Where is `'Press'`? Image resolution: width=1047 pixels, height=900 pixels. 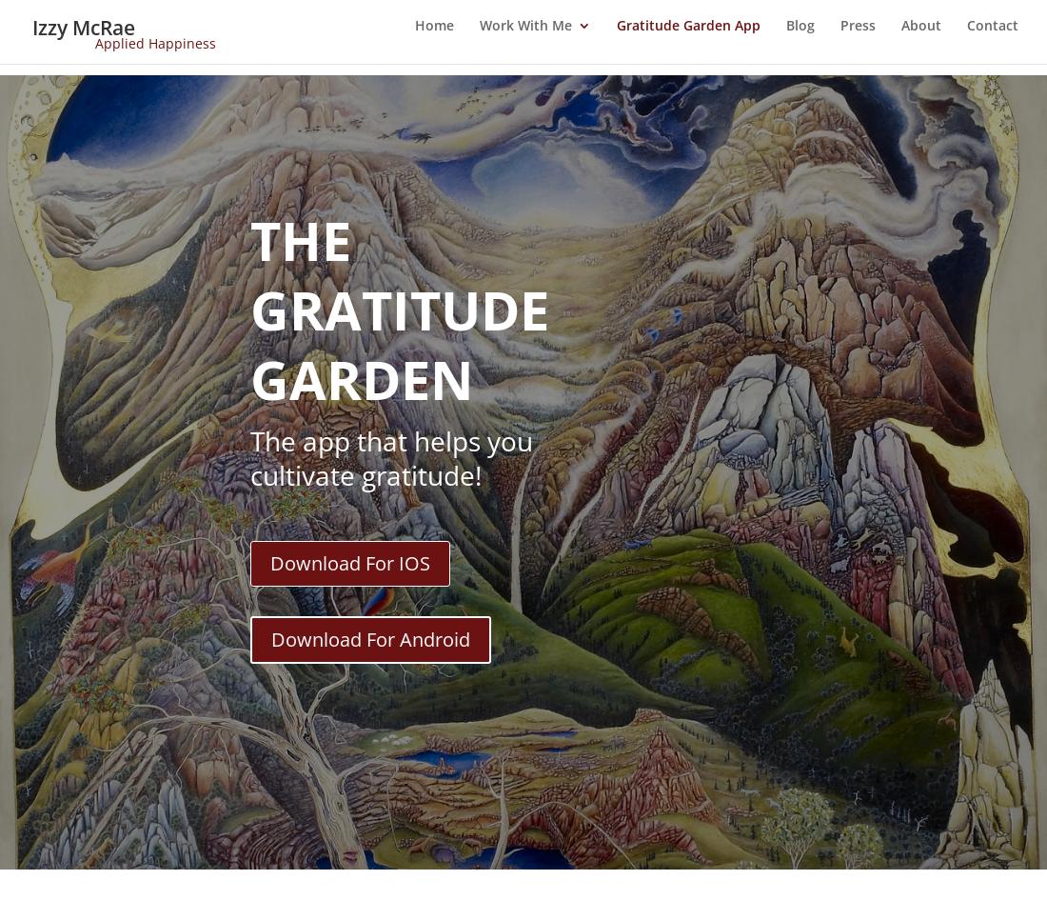 'Press' is located at coordinates (858, 37).